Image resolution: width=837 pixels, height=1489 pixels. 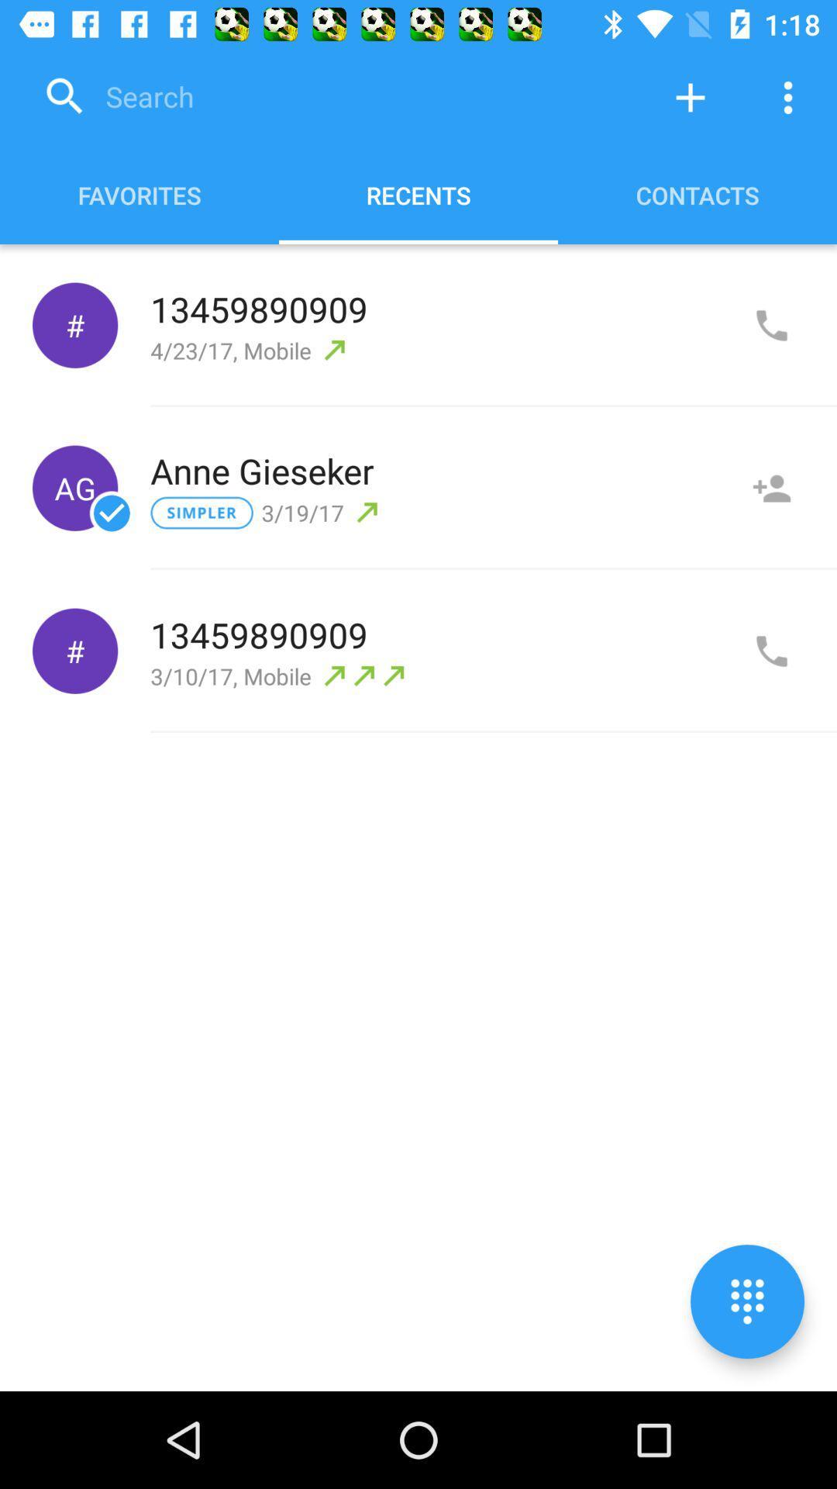 I want to click on profile, so click(x=771, y=487).